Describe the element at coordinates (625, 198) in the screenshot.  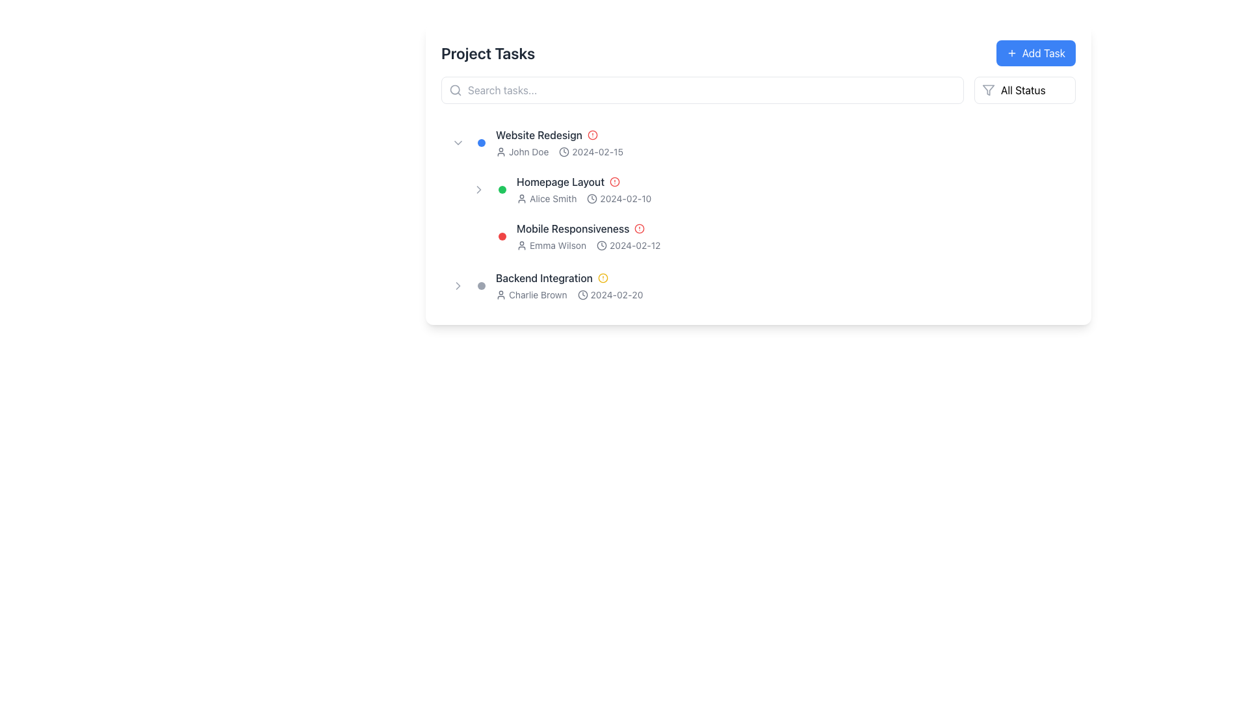
I see `the static text label displaying the due date for the task located in the task list under the 'Homepage Layout' section, which is to the right of the assignee 'Alice Smith' and has a clock icon to its left` at that location.